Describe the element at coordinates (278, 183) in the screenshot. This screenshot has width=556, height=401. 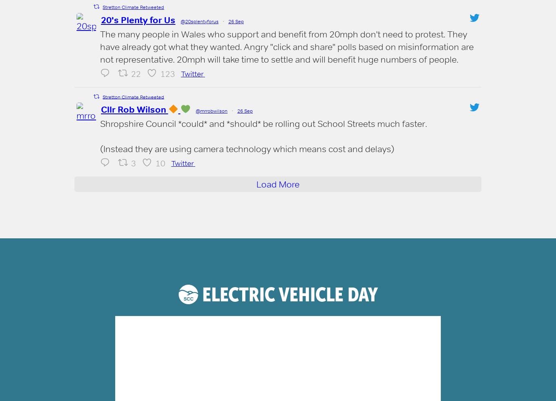
I see `'Load More'` at that location.